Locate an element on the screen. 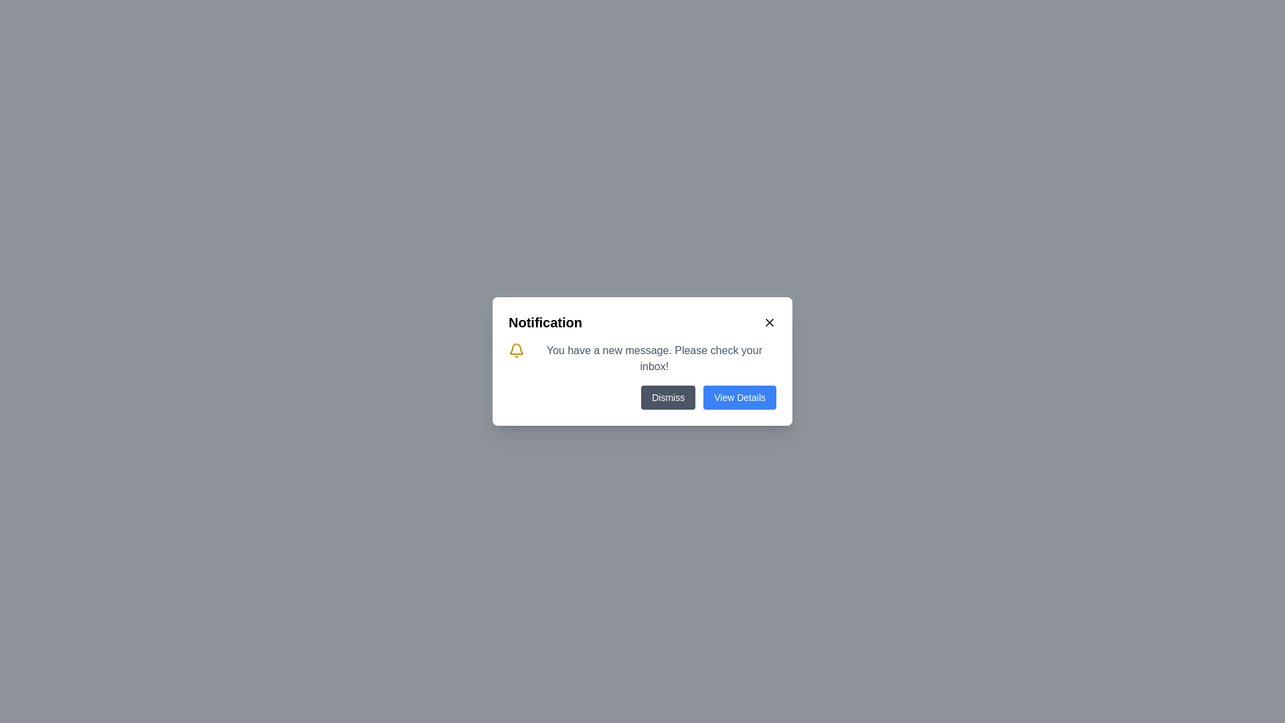 This screenshot has width=1285, height=723. the 'Dismiss' button in the bottom-right area of the notification dialog card, which is part of the Button Group for dismissing notifications is located at coordinates (642, 397).